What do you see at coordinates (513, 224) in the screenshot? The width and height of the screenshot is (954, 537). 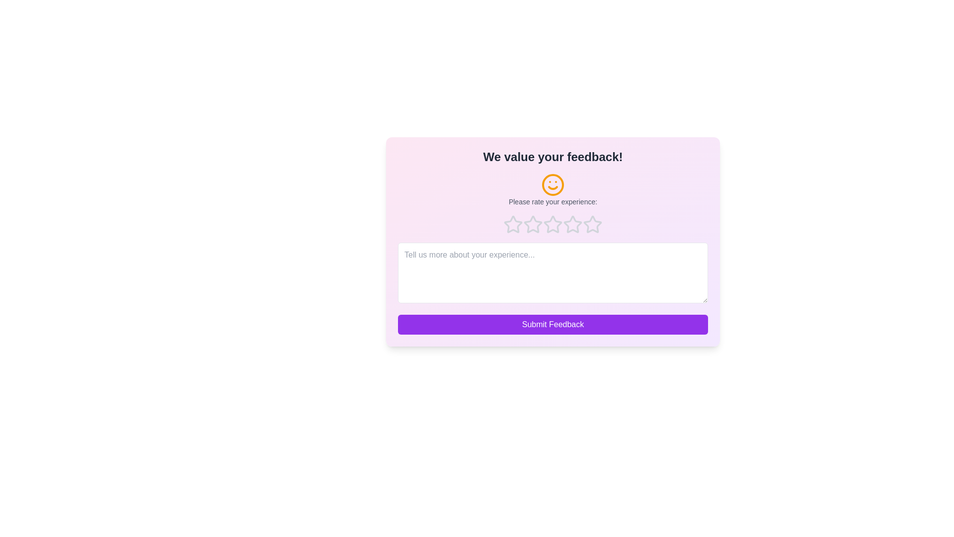 I see `the first star icon, which has a hollow interior and gray borders` at bounding box center [513, 224].